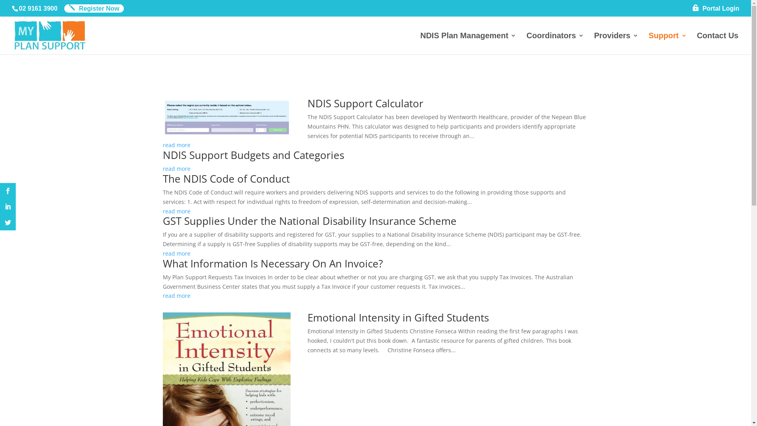  What do you see at coordinates (716, 11) in the screenshot?
I see `'Portal Login'` at bounding box center [716, 11].